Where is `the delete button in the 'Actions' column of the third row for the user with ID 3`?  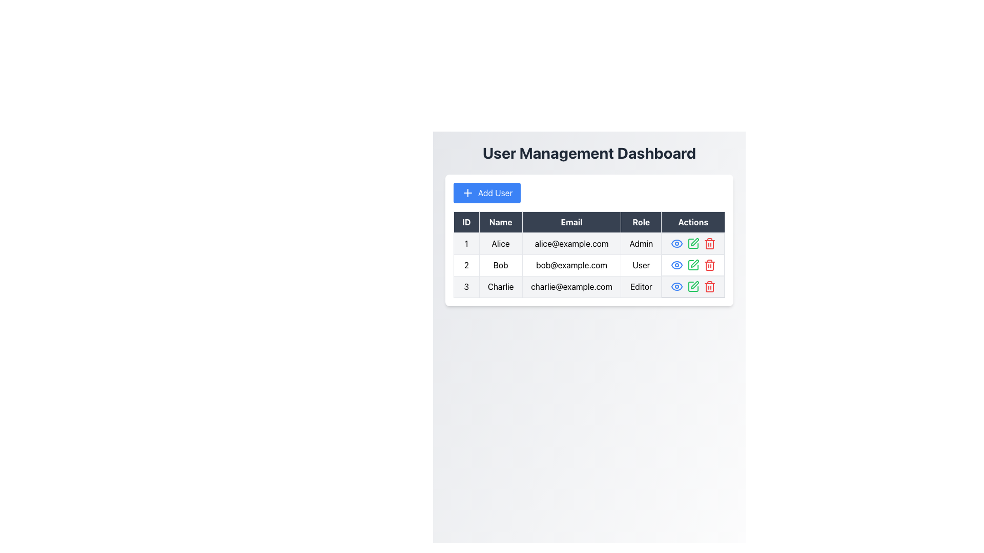
the delete button in the 'Actions' column of the third row for the user with ID 3 is located at coordinates (709, 286).